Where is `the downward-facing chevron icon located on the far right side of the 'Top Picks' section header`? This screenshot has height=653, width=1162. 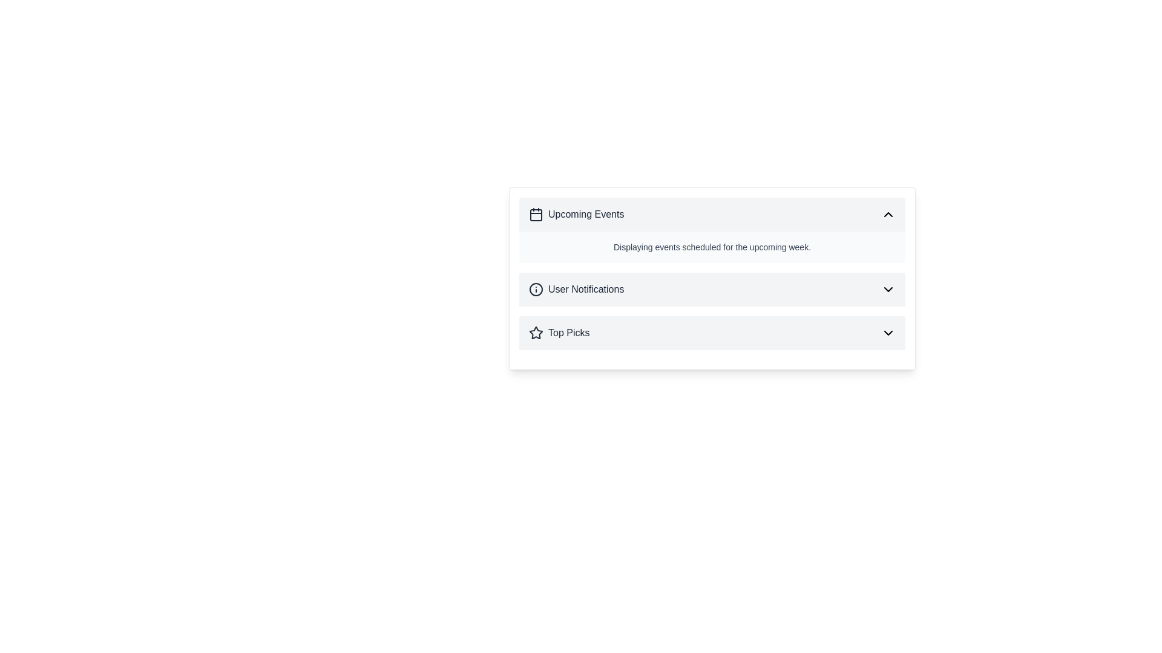
the downward-facing chevron icon located on the far right side of the 'Top Picks' section header is located at coordinates (888, 333).